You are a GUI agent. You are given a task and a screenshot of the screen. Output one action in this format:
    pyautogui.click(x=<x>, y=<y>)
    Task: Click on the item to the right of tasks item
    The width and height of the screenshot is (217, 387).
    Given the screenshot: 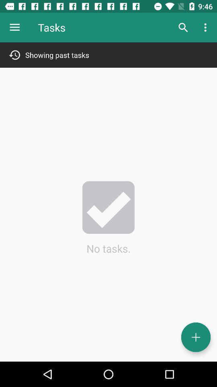 What is the action you would take?
    pyautogui.click(x=183, y=27)
    